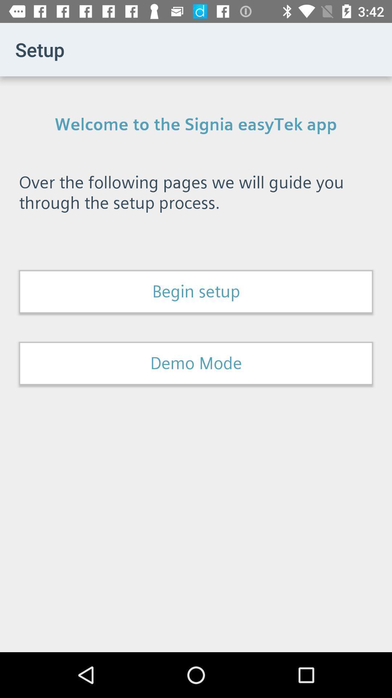  Describe the element at coordinates (196, 363) in the screenshot. I see `the demo mode` at that location.